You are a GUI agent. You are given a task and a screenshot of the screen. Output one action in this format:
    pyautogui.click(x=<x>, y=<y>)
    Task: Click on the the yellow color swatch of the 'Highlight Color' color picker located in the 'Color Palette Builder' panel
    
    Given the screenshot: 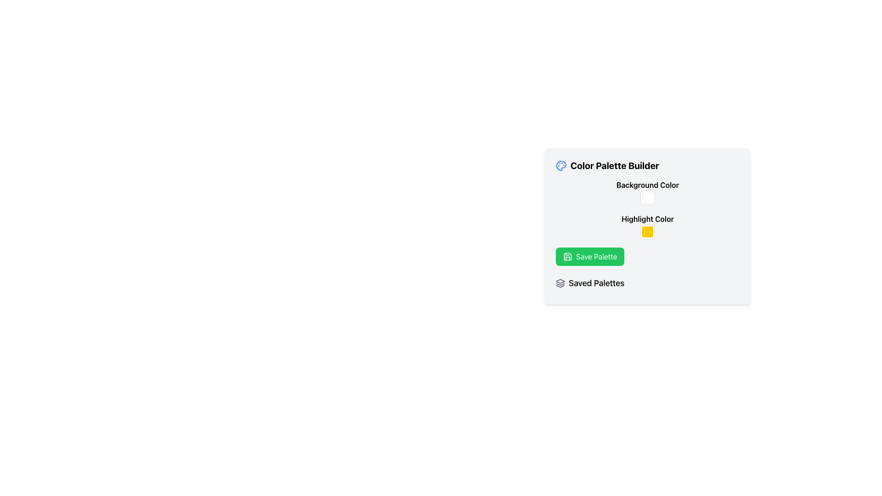 What is the action you would take?
    pyautogui.click(x=647, y=226)
    